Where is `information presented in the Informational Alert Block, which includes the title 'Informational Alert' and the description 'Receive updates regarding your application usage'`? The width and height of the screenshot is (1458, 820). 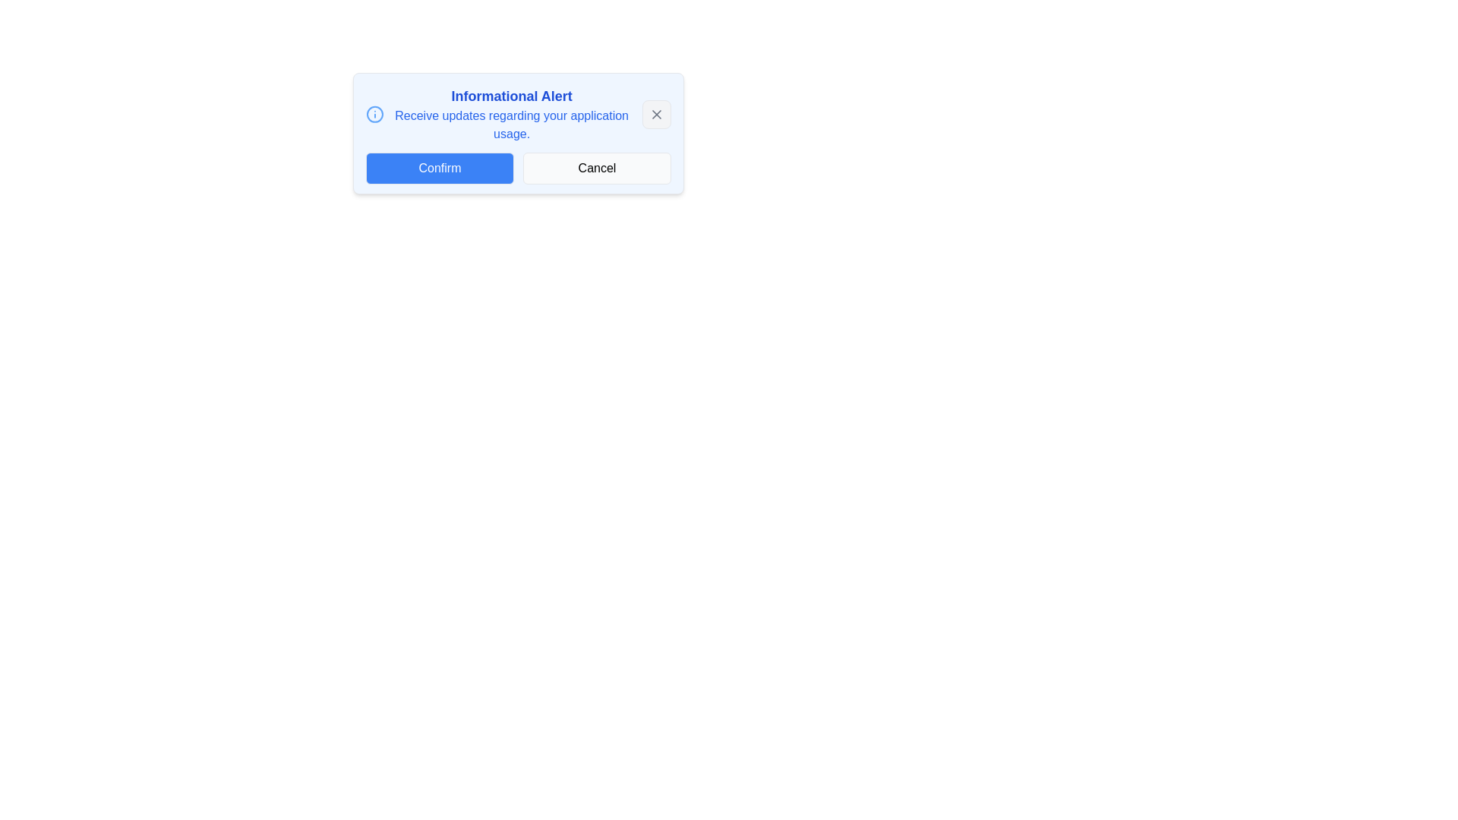
information presented in the Informational Alert Block, which includes the title 'Informational Alert' and the description 'Receive updates regarding your application usage' is located at coordinates (498, 113).